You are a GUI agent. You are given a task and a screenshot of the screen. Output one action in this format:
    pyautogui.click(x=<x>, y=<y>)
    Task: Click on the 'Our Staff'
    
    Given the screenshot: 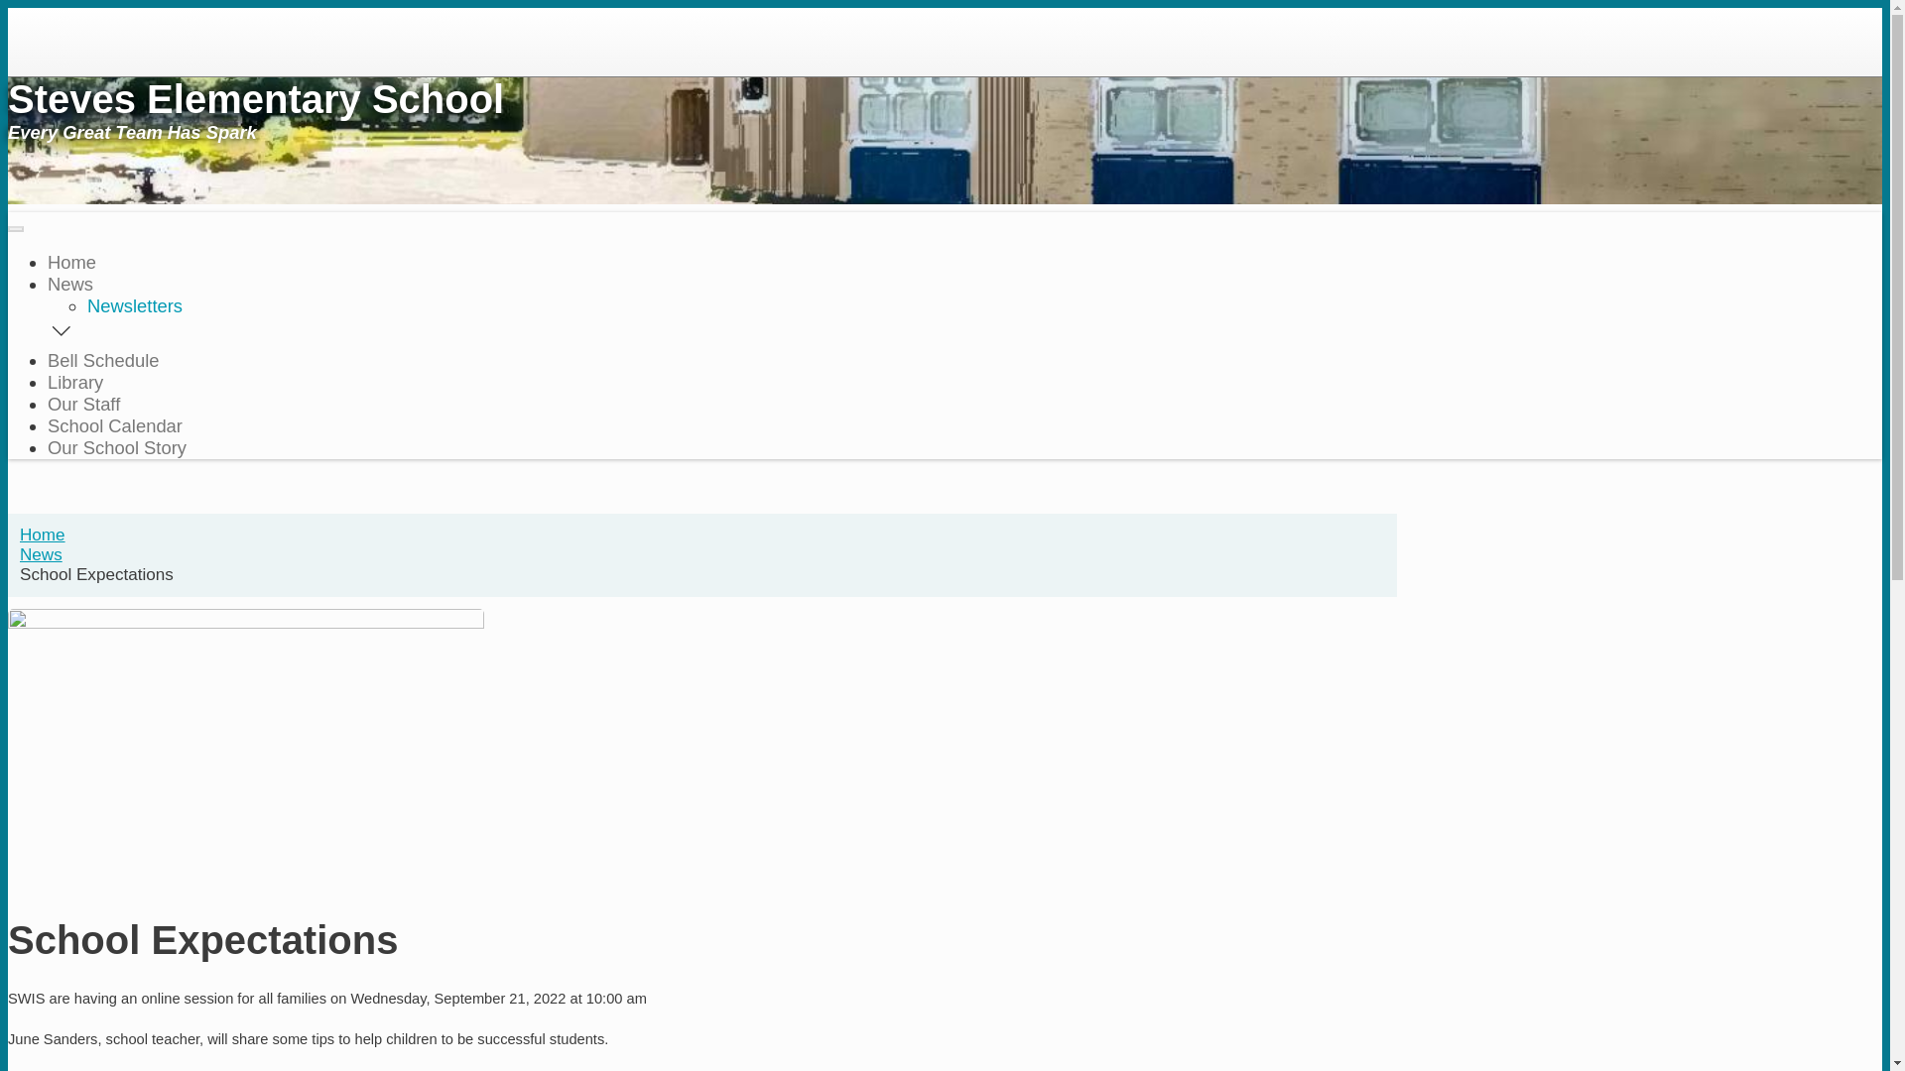 What is the action you would take?
    pyautogui.click(x=82, y=403)
    